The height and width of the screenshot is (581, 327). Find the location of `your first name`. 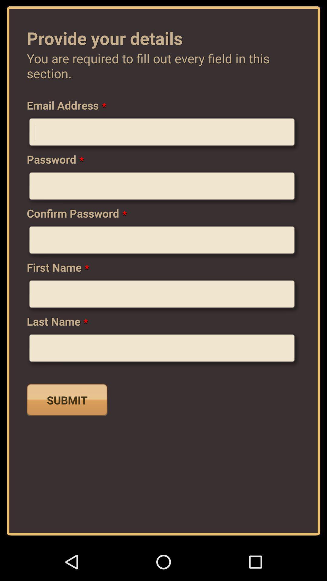

your first name is located at coordinates (163, 296).